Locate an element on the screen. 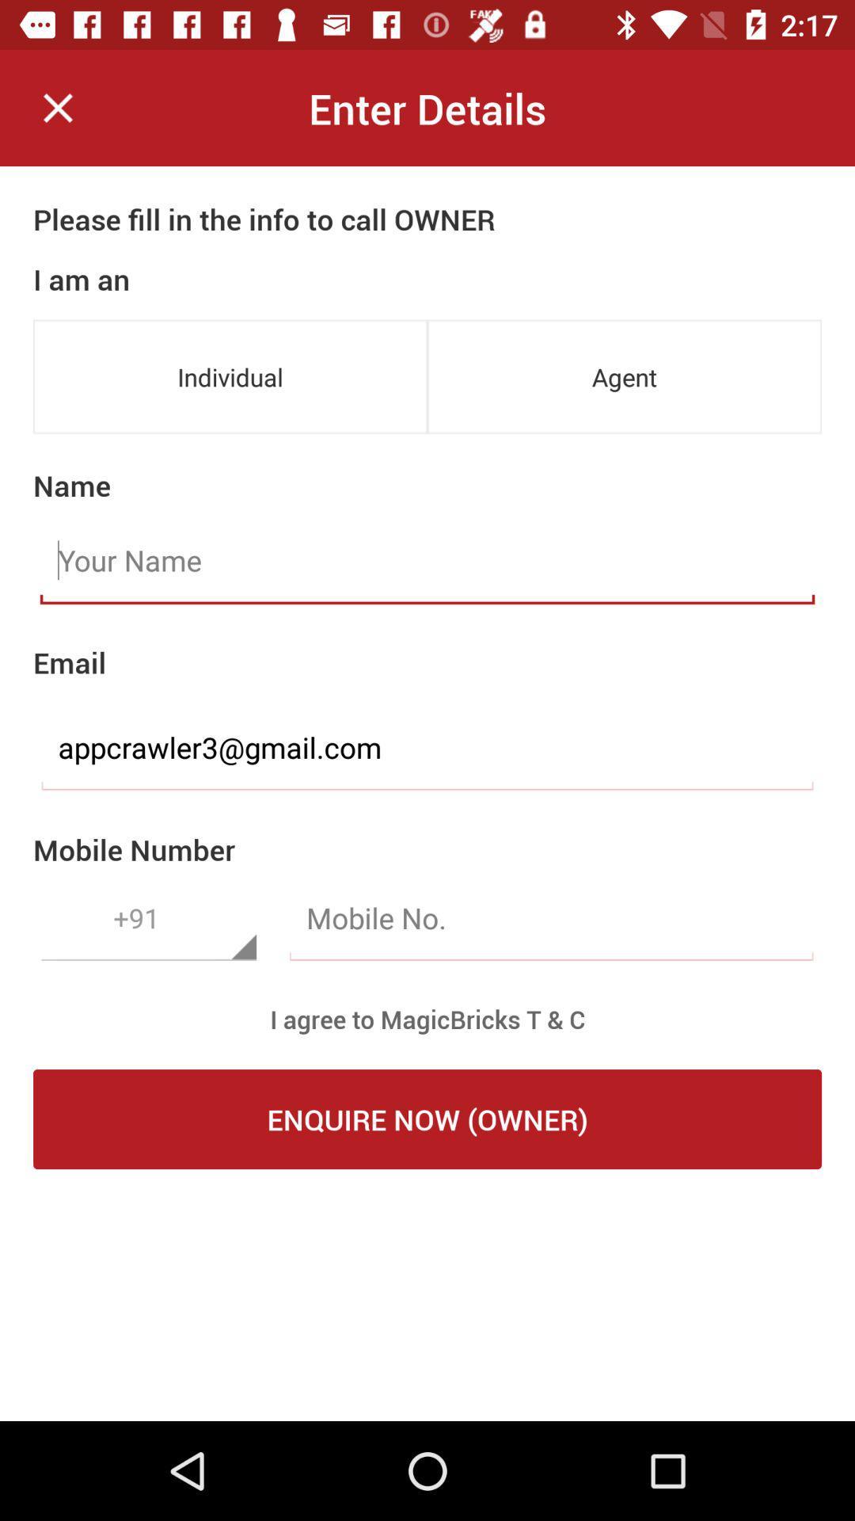 This screenshot has width=855, height=1521. the item to the left of enter details item is located at coordinates (57, 107).